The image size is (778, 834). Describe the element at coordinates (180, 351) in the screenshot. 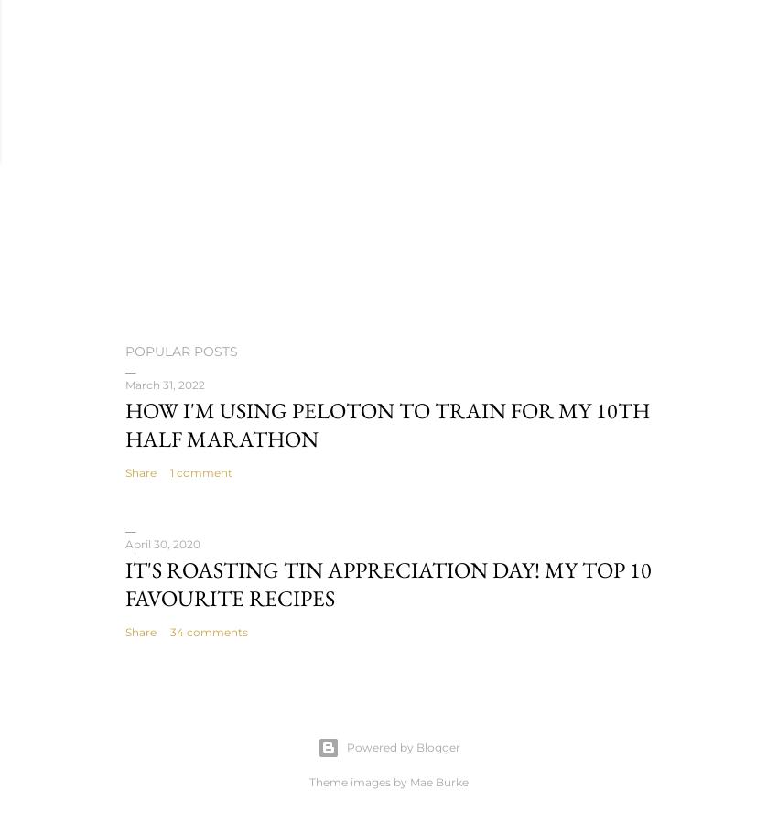

I see `'Popular Posts'` at that location.